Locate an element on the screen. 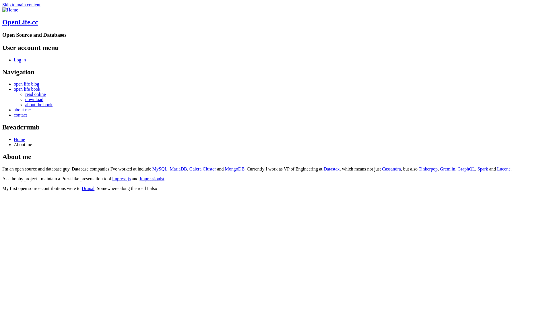 This screenshot has height=310, width=551. 'contact' is located at coordinates (20, 115).